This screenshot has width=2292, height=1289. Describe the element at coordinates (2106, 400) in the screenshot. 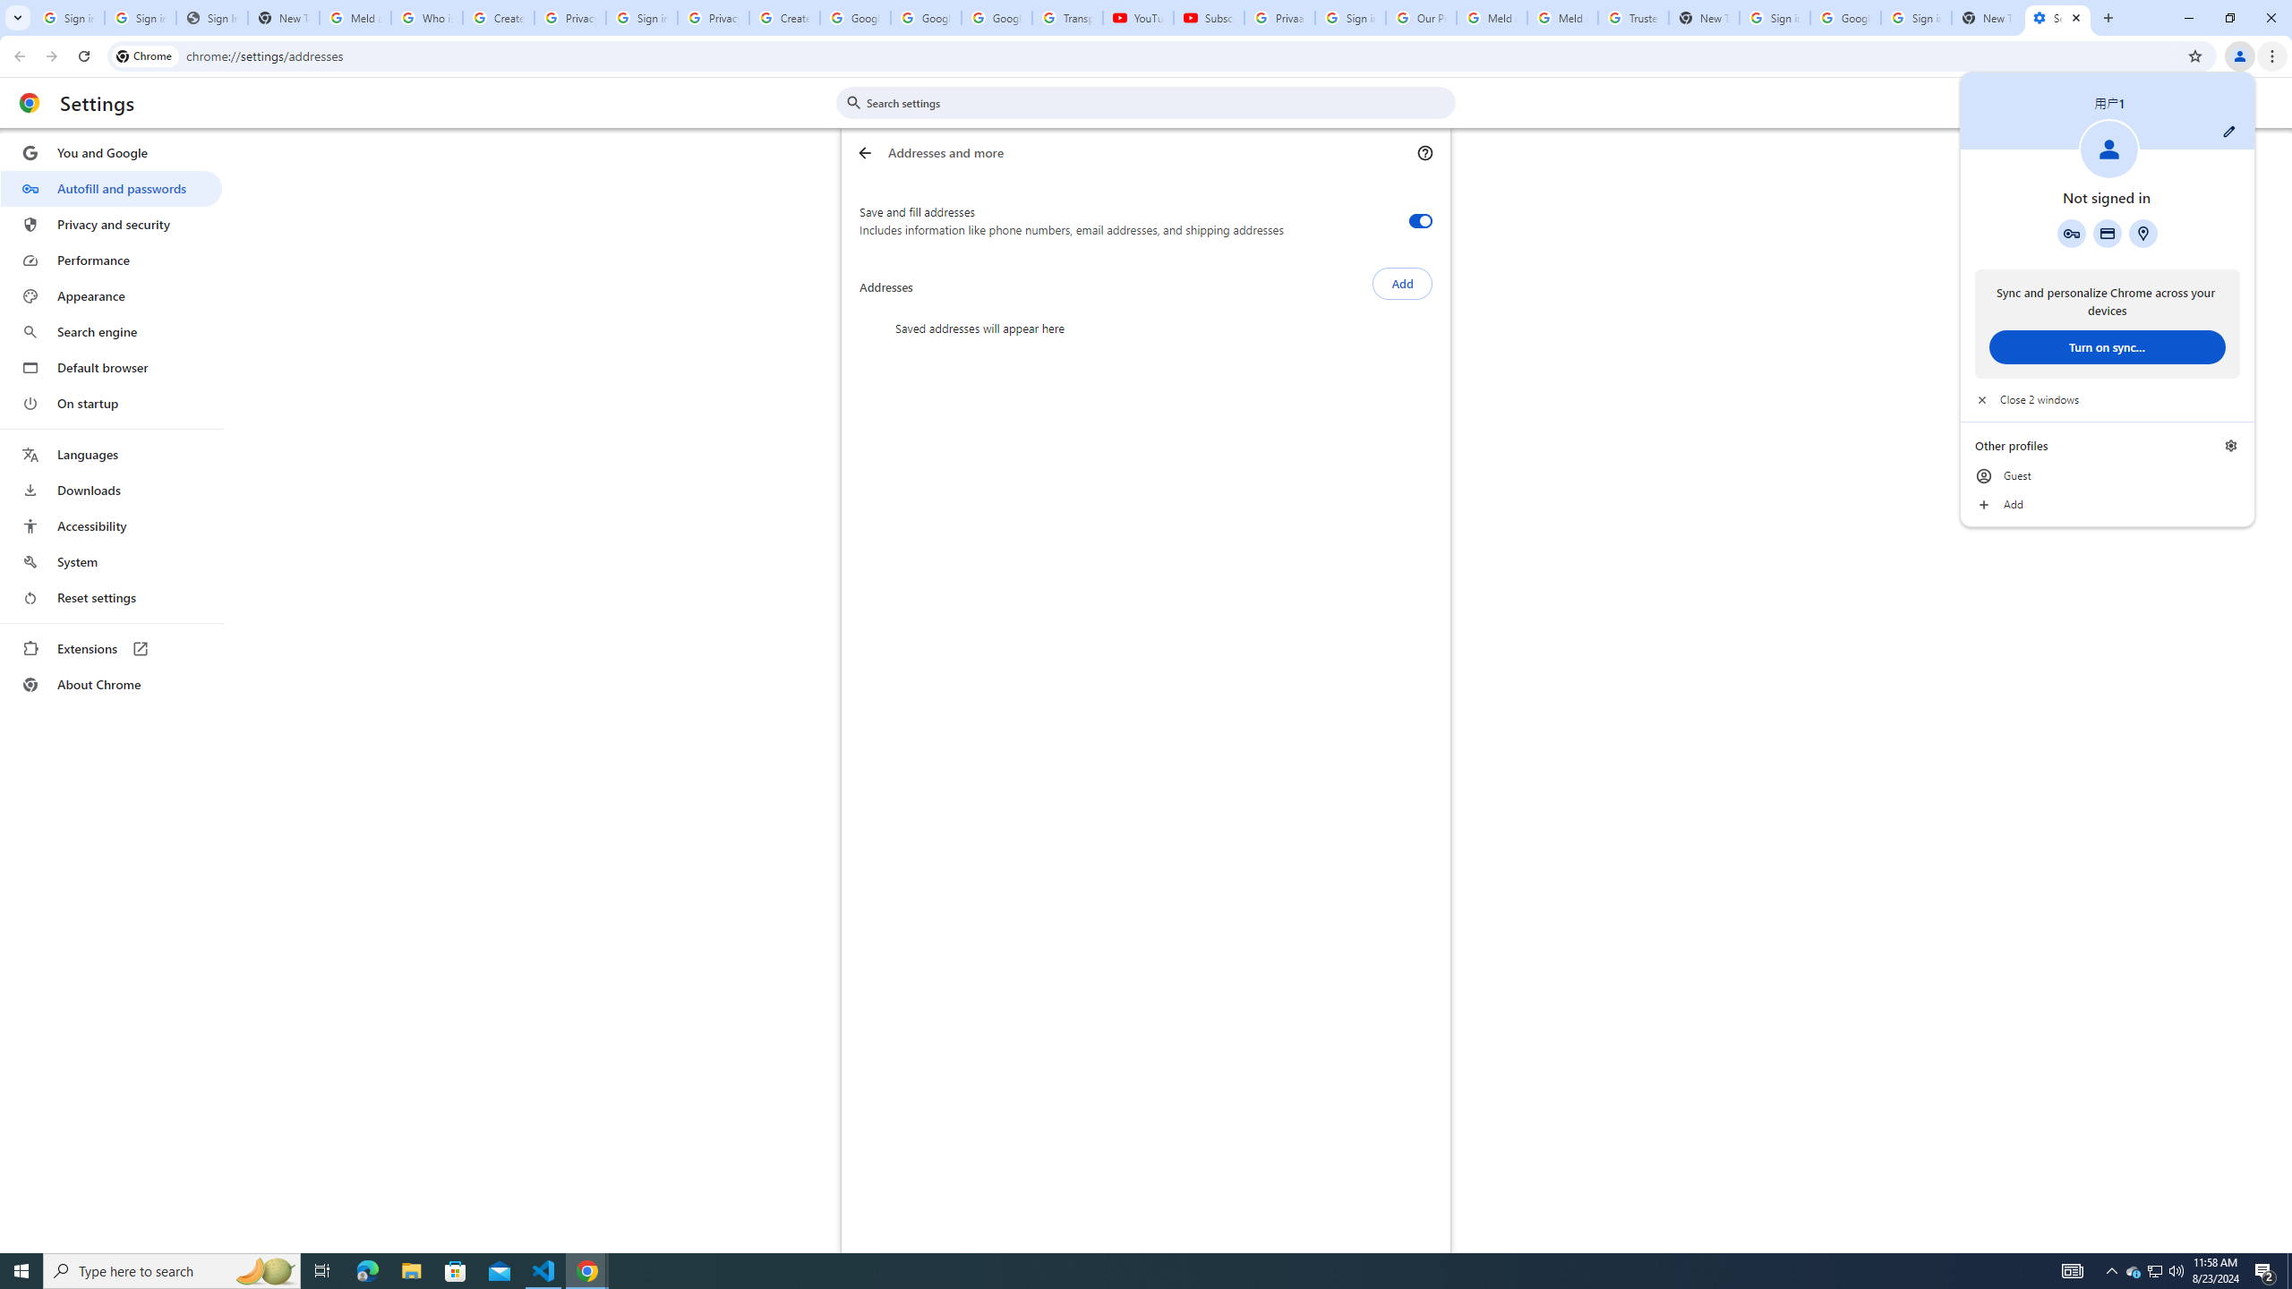

I see `'Close 2 windows'` at that location.